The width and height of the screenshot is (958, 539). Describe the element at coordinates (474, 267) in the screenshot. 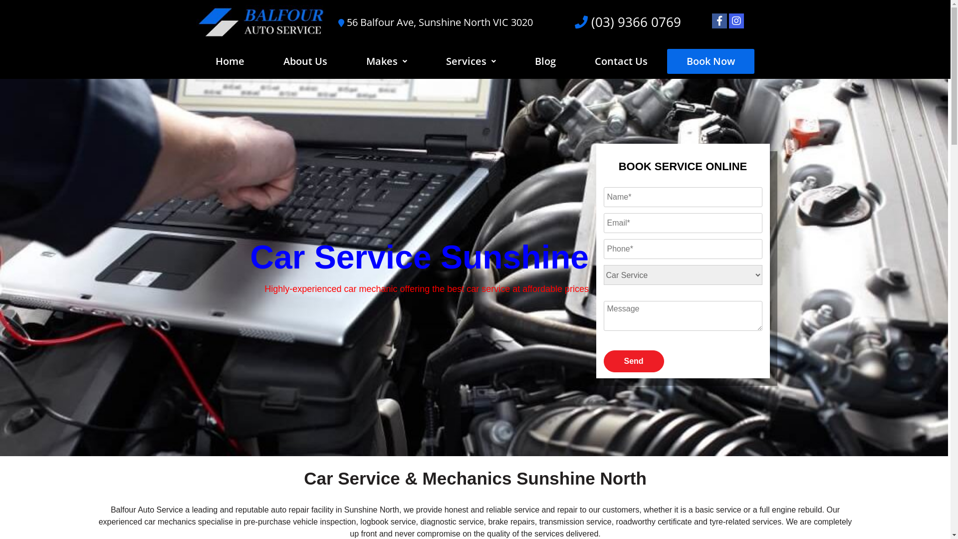

I see `'Mechanic-Sunshine-3'` at that location.